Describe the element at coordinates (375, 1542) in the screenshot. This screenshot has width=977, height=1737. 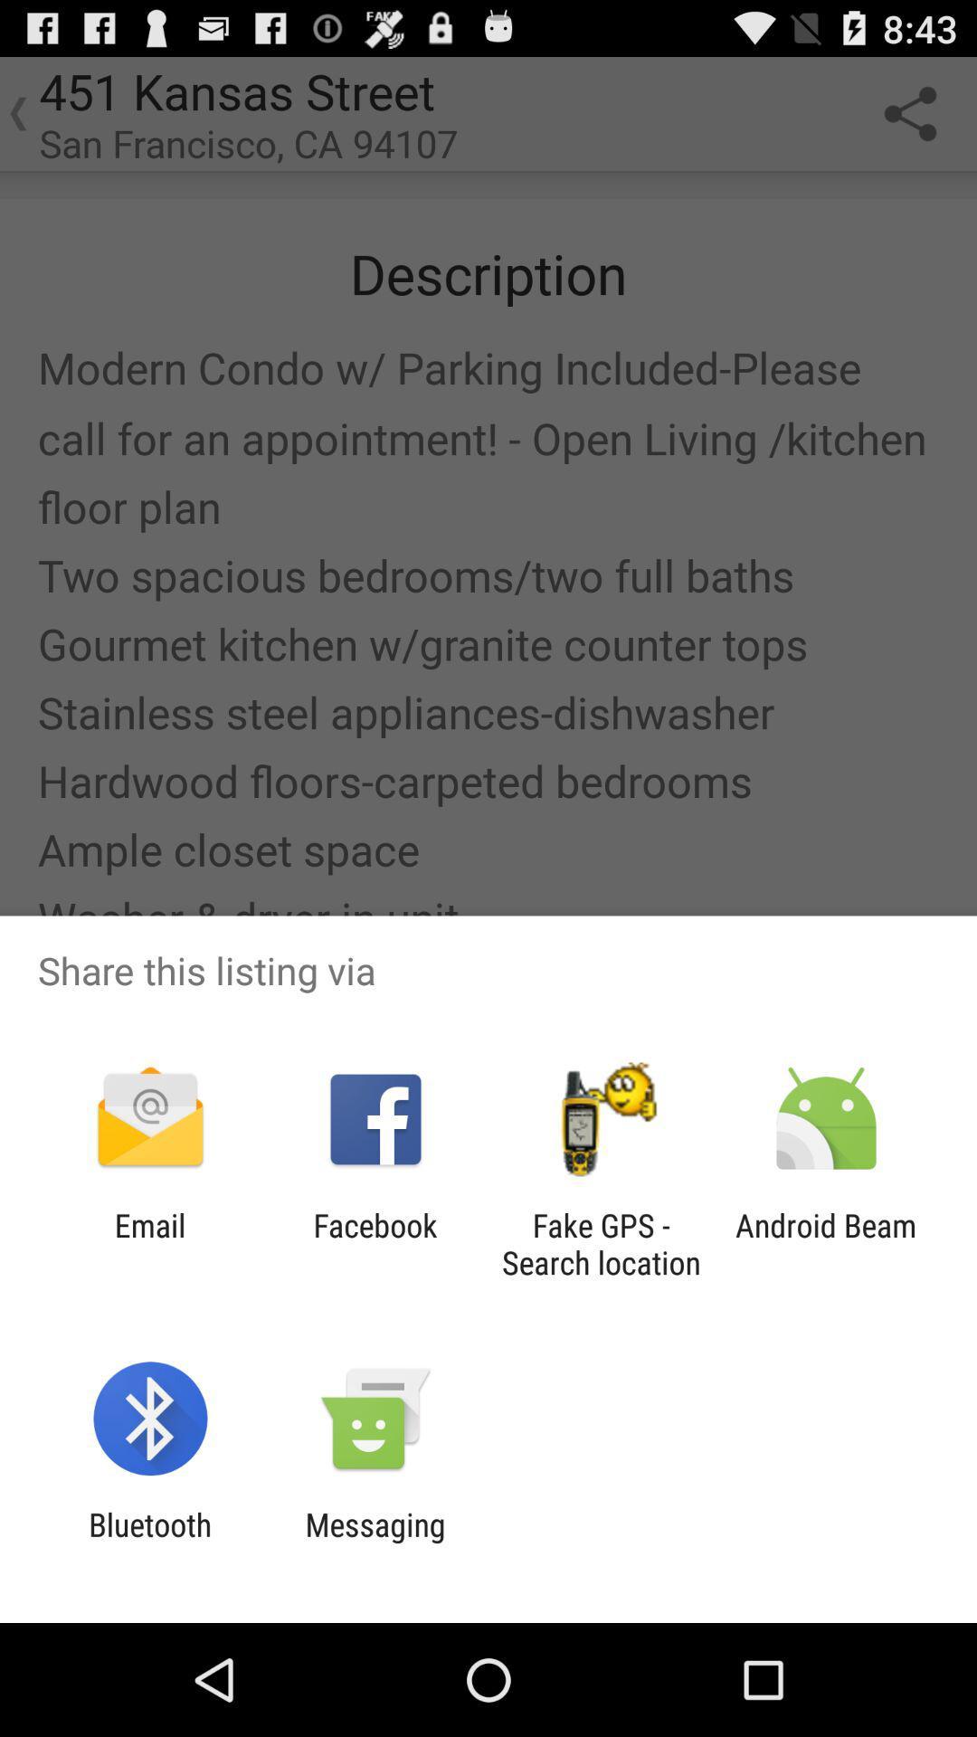
I see `app to the right of bluetooth icon` at that location.